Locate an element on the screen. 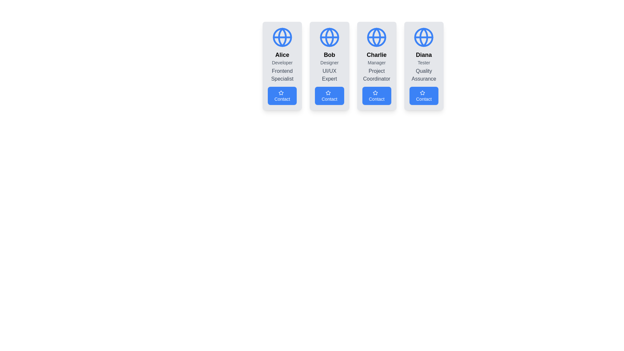  the global connectivity icon located at the top of Charlie's card, which is the third card from the left, to indicate online presence is located at coordinates (377, 37).